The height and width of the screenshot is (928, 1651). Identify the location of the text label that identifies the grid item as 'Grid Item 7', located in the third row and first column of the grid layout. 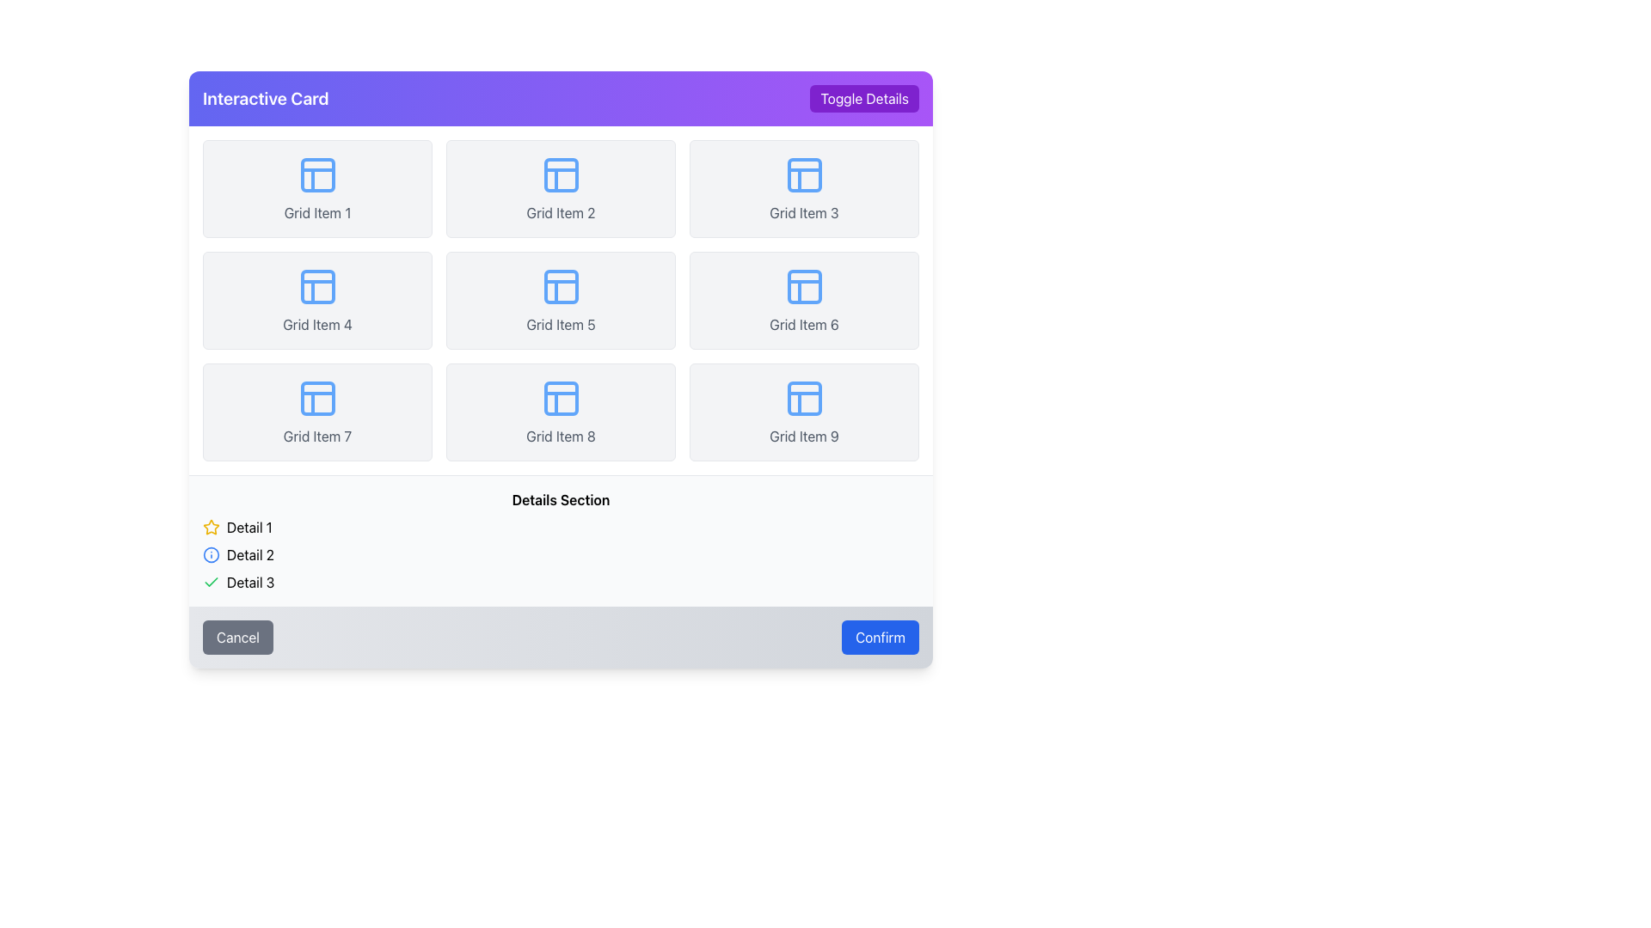
(317, 436).